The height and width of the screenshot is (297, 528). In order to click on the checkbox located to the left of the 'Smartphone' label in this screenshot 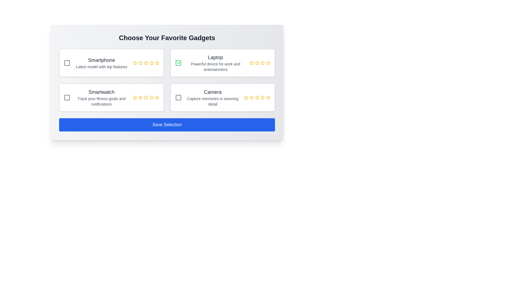, I will do `click(67, 62)`.